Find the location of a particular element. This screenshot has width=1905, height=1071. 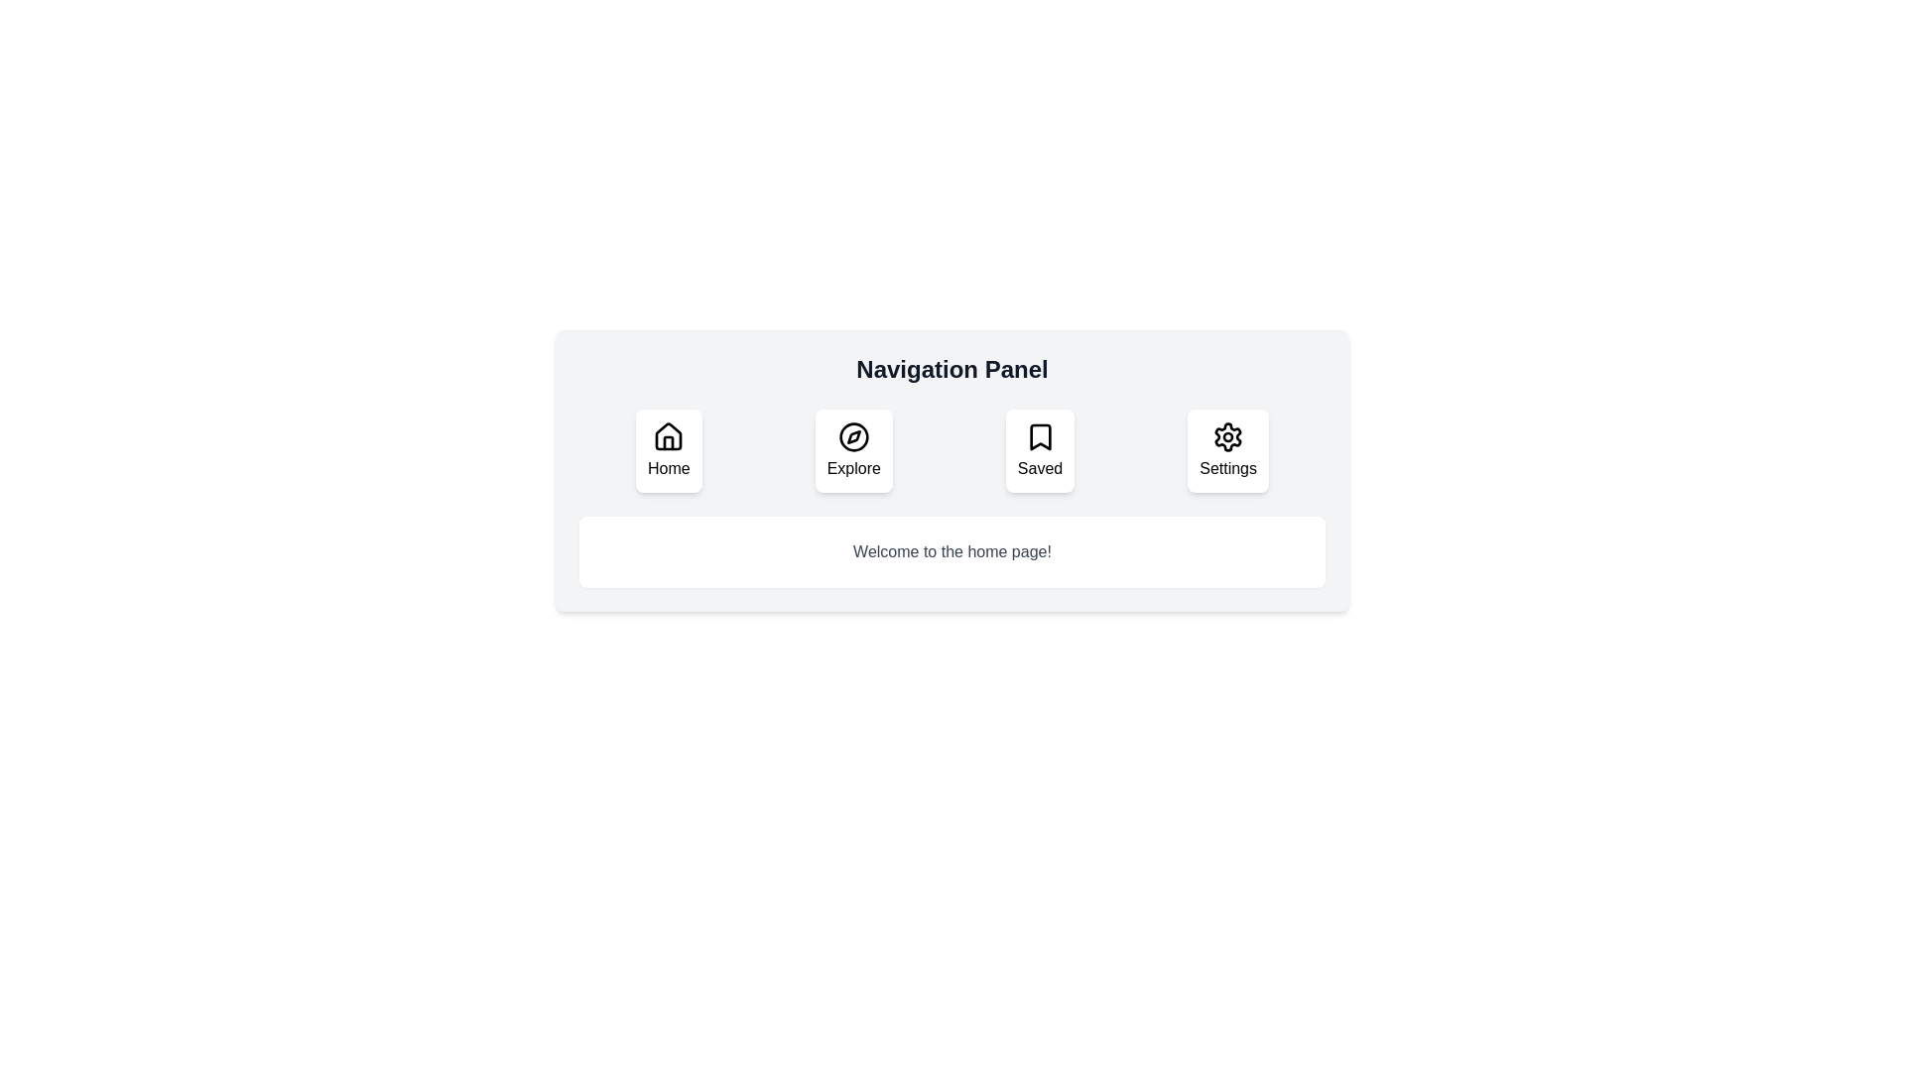

the 'Saved' button, which is a rounded rectangular button with a white background and a black bookmark icon, to observe the hover effect is located at coordinates (1039, 451).